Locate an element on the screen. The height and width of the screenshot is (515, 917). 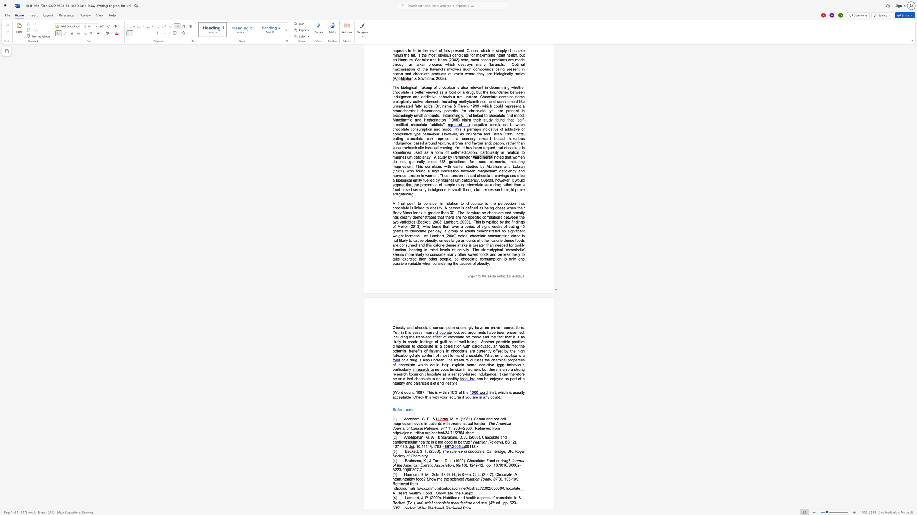
the subset text "English for Uni," within the text "English for Uni, Essay Writing, full version," is located at coordinates (467, 276).